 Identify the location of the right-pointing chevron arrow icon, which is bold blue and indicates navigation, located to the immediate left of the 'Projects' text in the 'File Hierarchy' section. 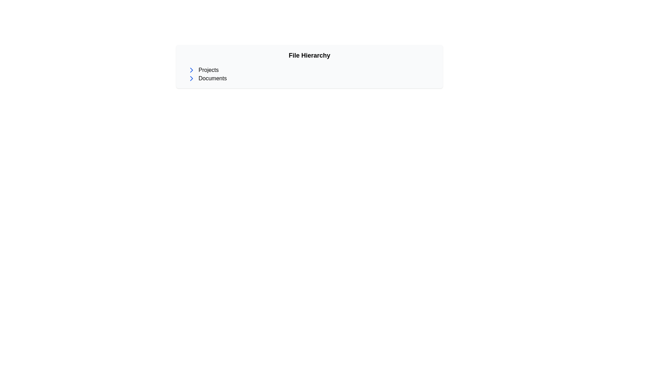
(191, 70).